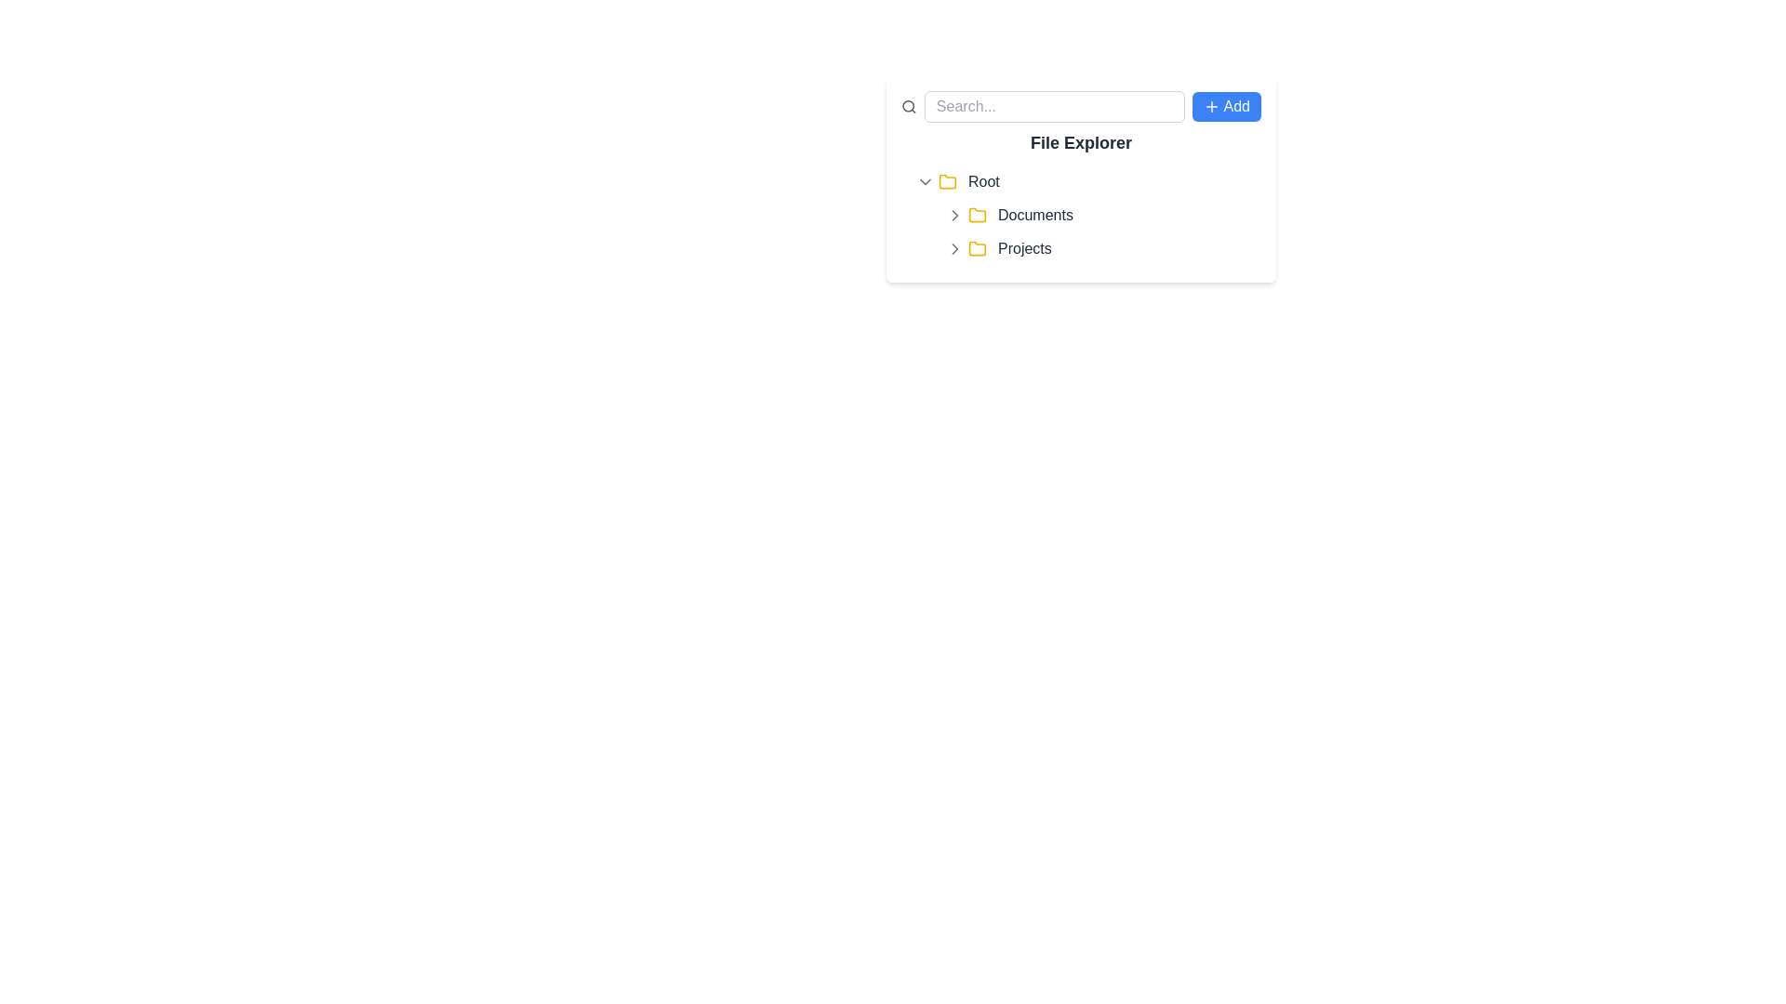  Describe the element at coordinates (947, 181) in the screenshot. I see `the folder icon representing 'Root' in the file explorer's tree view` at that location.